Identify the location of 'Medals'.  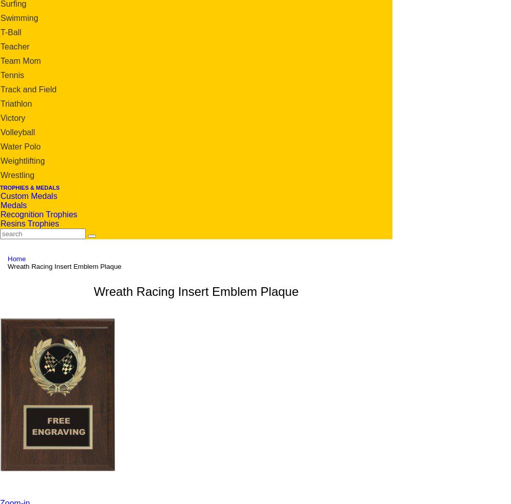
(13, 204).